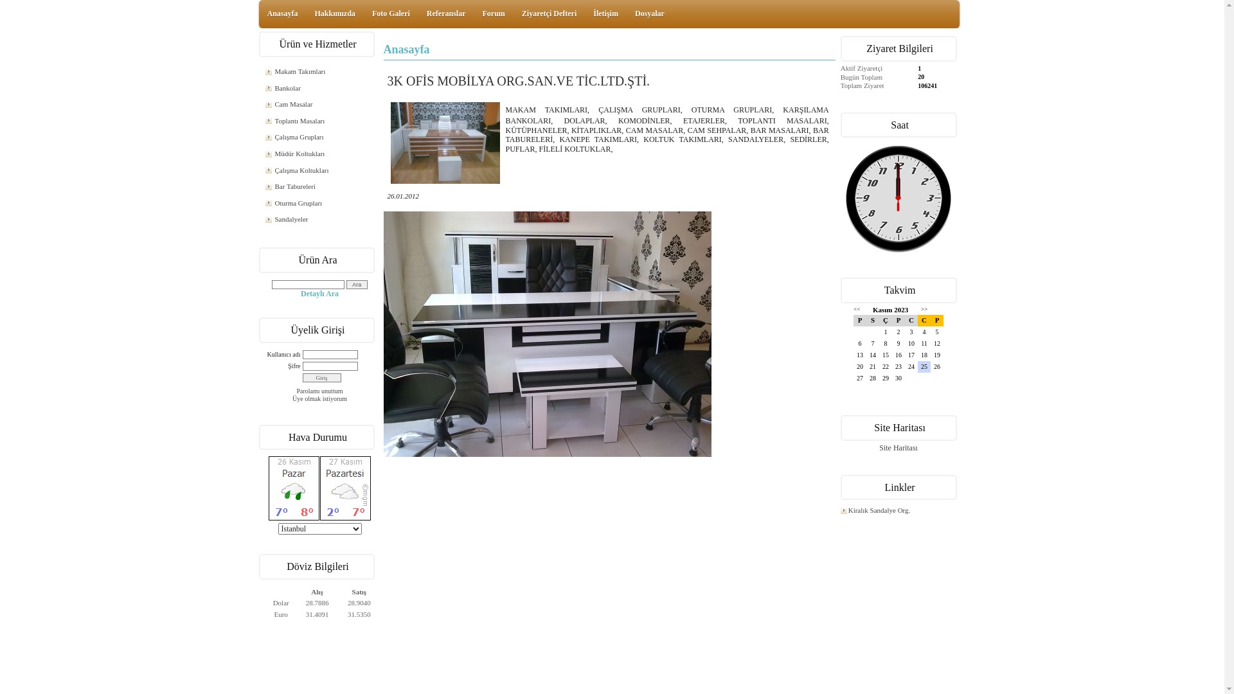 The image size is (1234, 694). I want to click on '8', so click(884, 343).